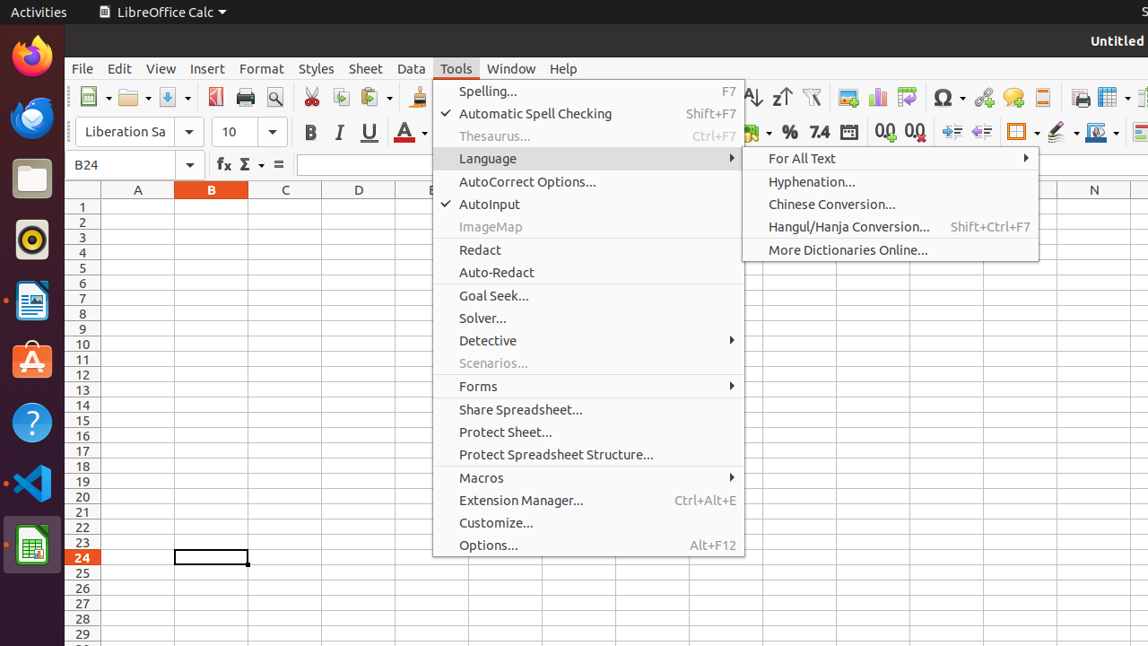 The height and width of the screenshot is (646, 1148). What do you see at coordinates (250, 164) in the screenshot?
I see `'Select Function'` at bounding box center [250, 164].